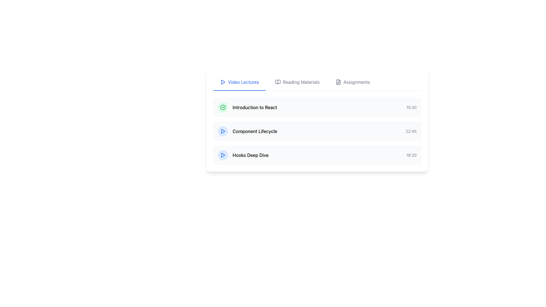 The image size is (546, 307). What do you see at coordinates (301, 82) in the screenshot?
I see `the 'Reading Materials' text label in the horizontal navigation bar` at bounding box center [301, 82].